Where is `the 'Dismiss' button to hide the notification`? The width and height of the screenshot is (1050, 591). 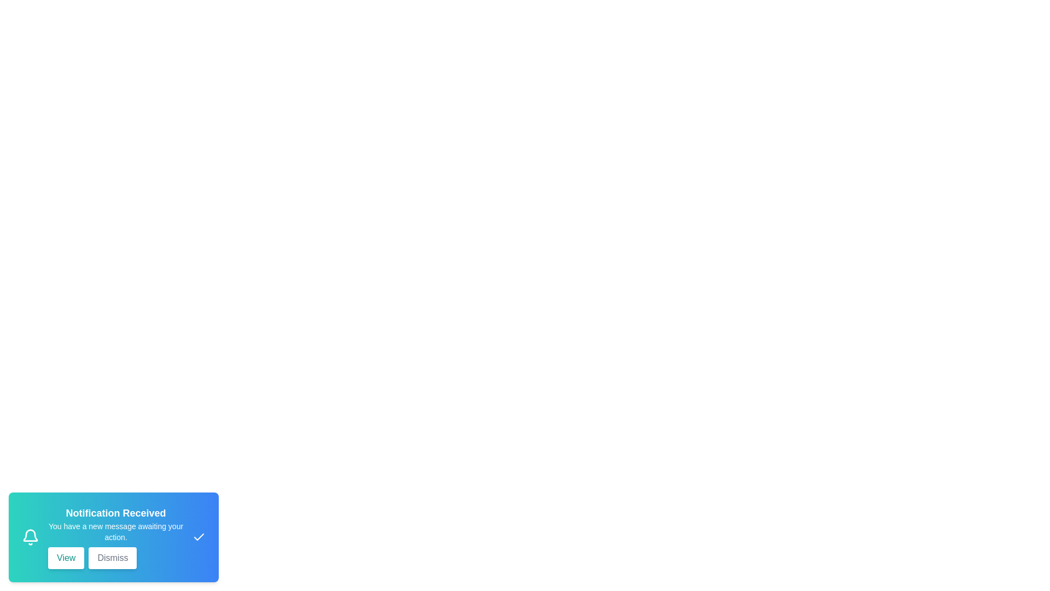
the 'Dismiss' button to hide the notification is located at coordinates (113, 558).